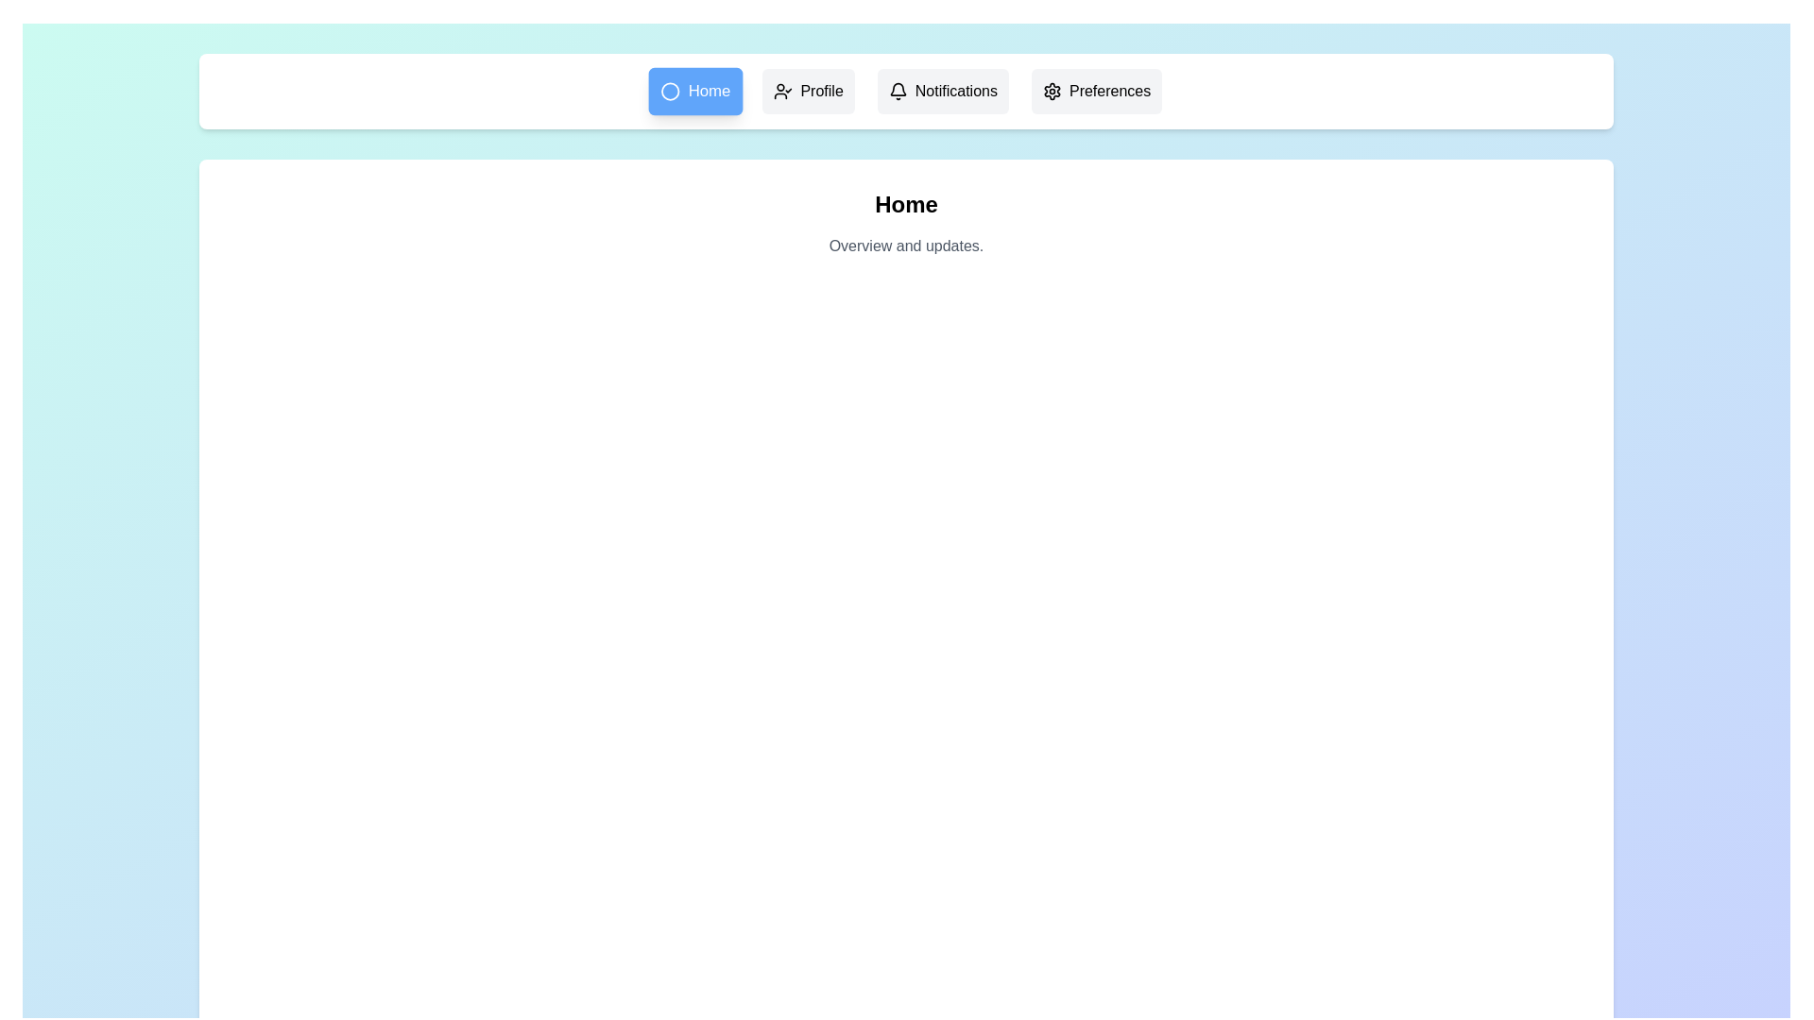 The image size is (1814, 1020). I want to click on the menu item Profile, so click(809, 91).